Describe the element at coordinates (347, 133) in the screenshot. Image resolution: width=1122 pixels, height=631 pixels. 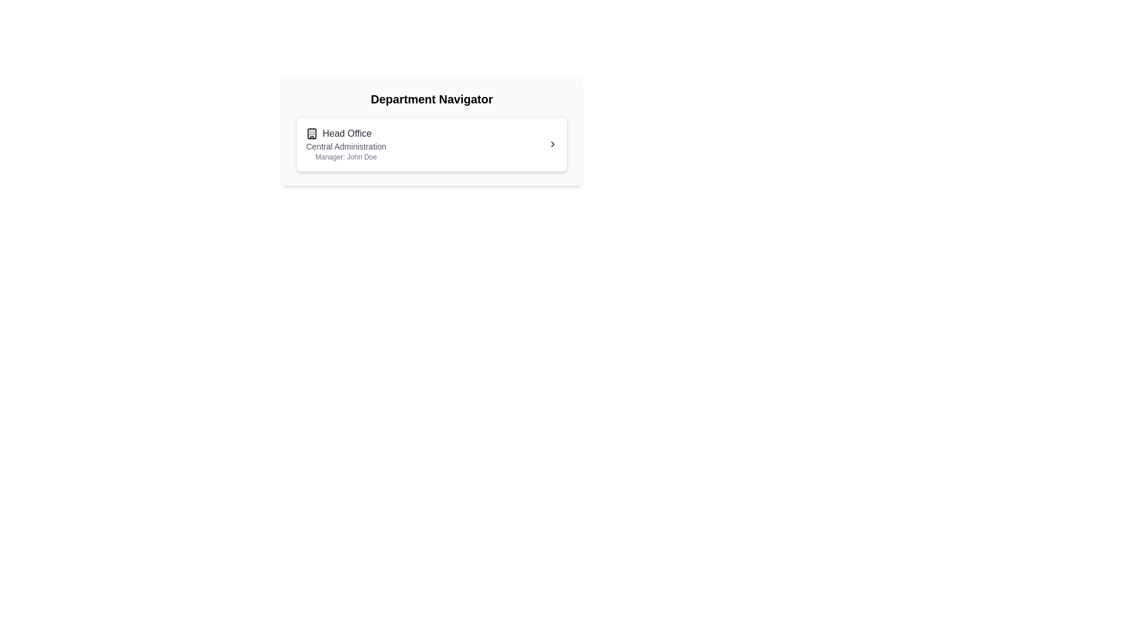
I see `the 'Head Office' text label, which is styled with a medium-weight font and dark gray color, located next to a building icon within the 'Department Navigator' section` at that location.